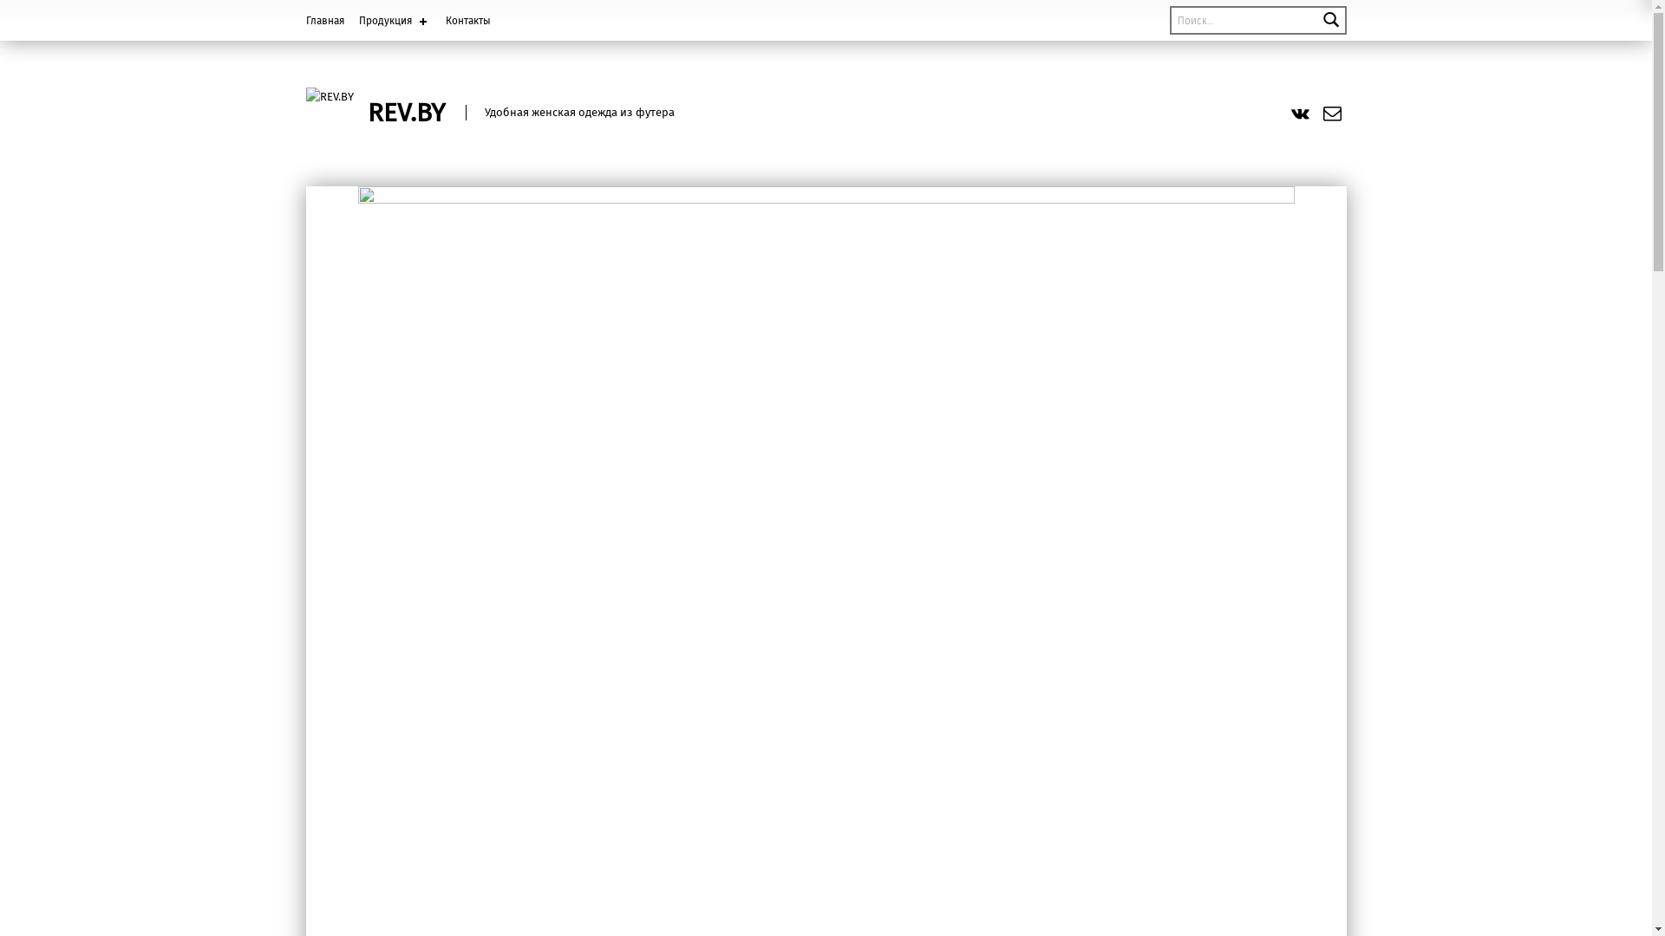 The image size is (1665, 936). Describe the element at coordinates (1331, 113) in the screenshot. I see `'Email'` at that location.